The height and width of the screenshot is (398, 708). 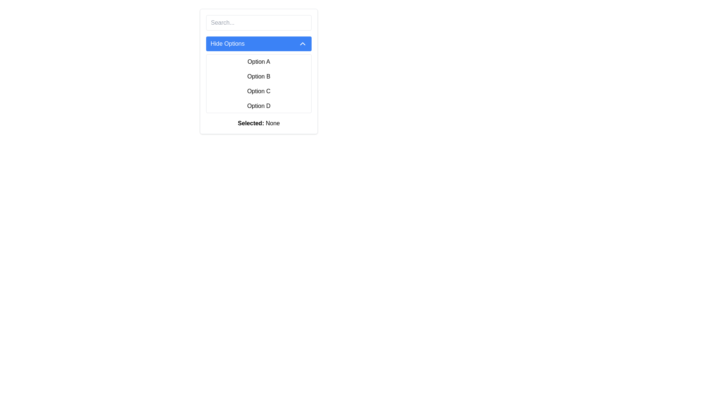 I want to click on the button located within the dropdown component, so click(x=258, y=44).